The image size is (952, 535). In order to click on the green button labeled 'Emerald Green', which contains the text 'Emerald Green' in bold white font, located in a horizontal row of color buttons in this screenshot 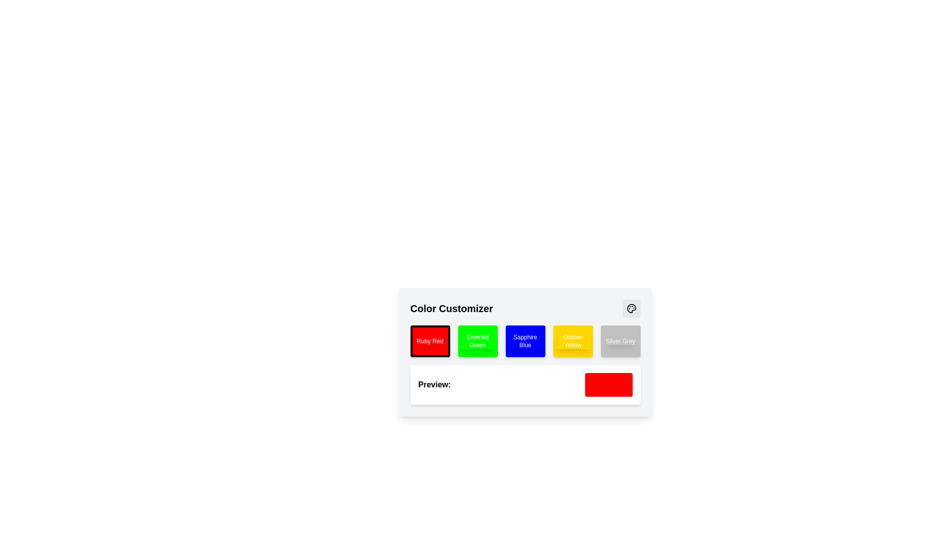, I will do `click(477, 341)`.